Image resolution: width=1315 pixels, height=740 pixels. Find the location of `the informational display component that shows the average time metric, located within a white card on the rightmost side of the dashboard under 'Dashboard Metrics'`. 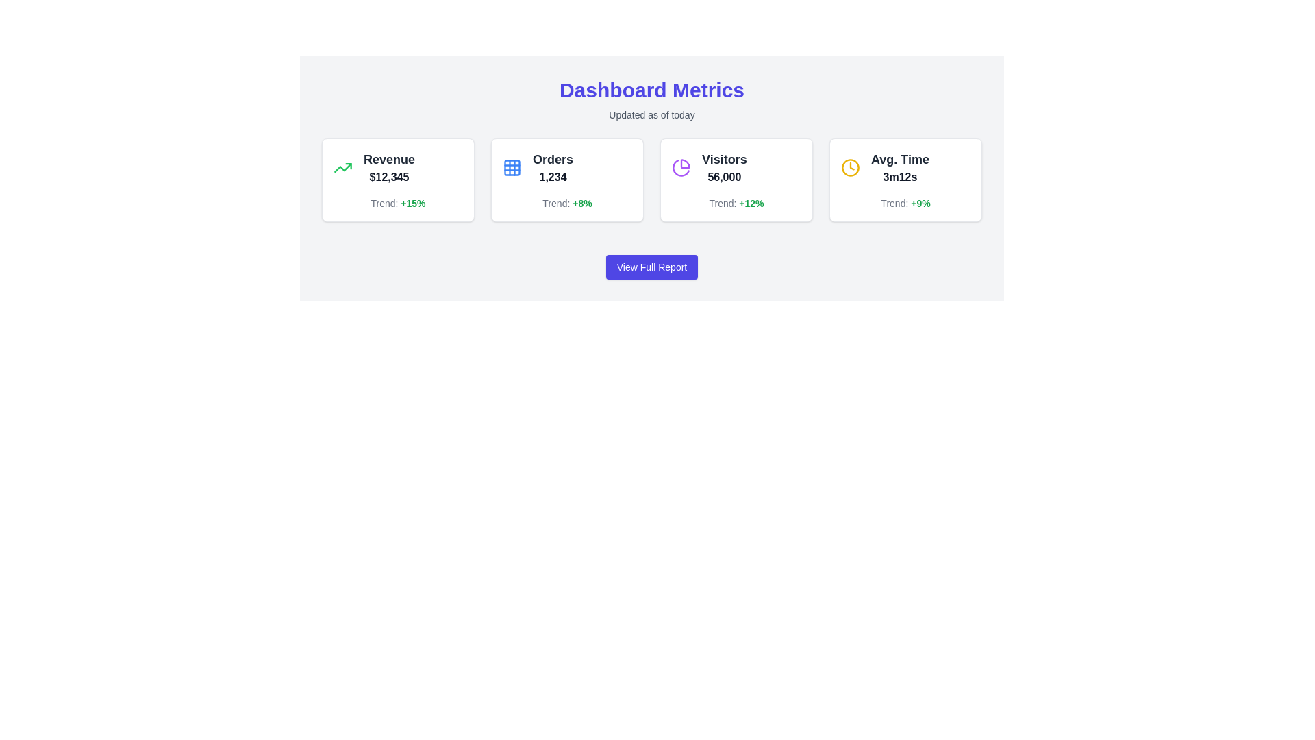

the informational display component that shows the average time metric, located within a white card on the rightmost side of the dashboard under 'Dashboard Metrics' is located at coordinates (905, 167).